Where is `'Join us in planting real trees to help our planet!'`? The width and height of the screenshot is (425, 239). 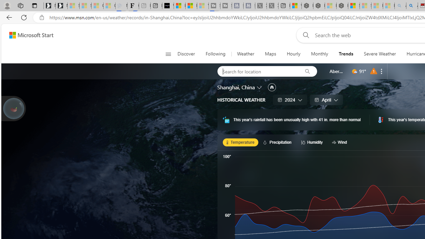
'Join us in planting real trees to help our planet!' is located at coordinates (13, 108).